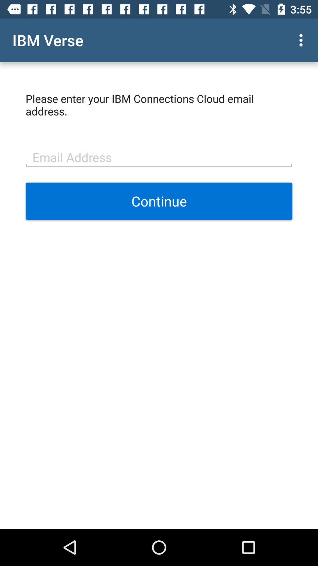 The width and height of the screenshot is (318, 566). Describe the element at coordinates (302, 40) in the screenshot. I see `the item to the right of the ibm verse icon` at that location.